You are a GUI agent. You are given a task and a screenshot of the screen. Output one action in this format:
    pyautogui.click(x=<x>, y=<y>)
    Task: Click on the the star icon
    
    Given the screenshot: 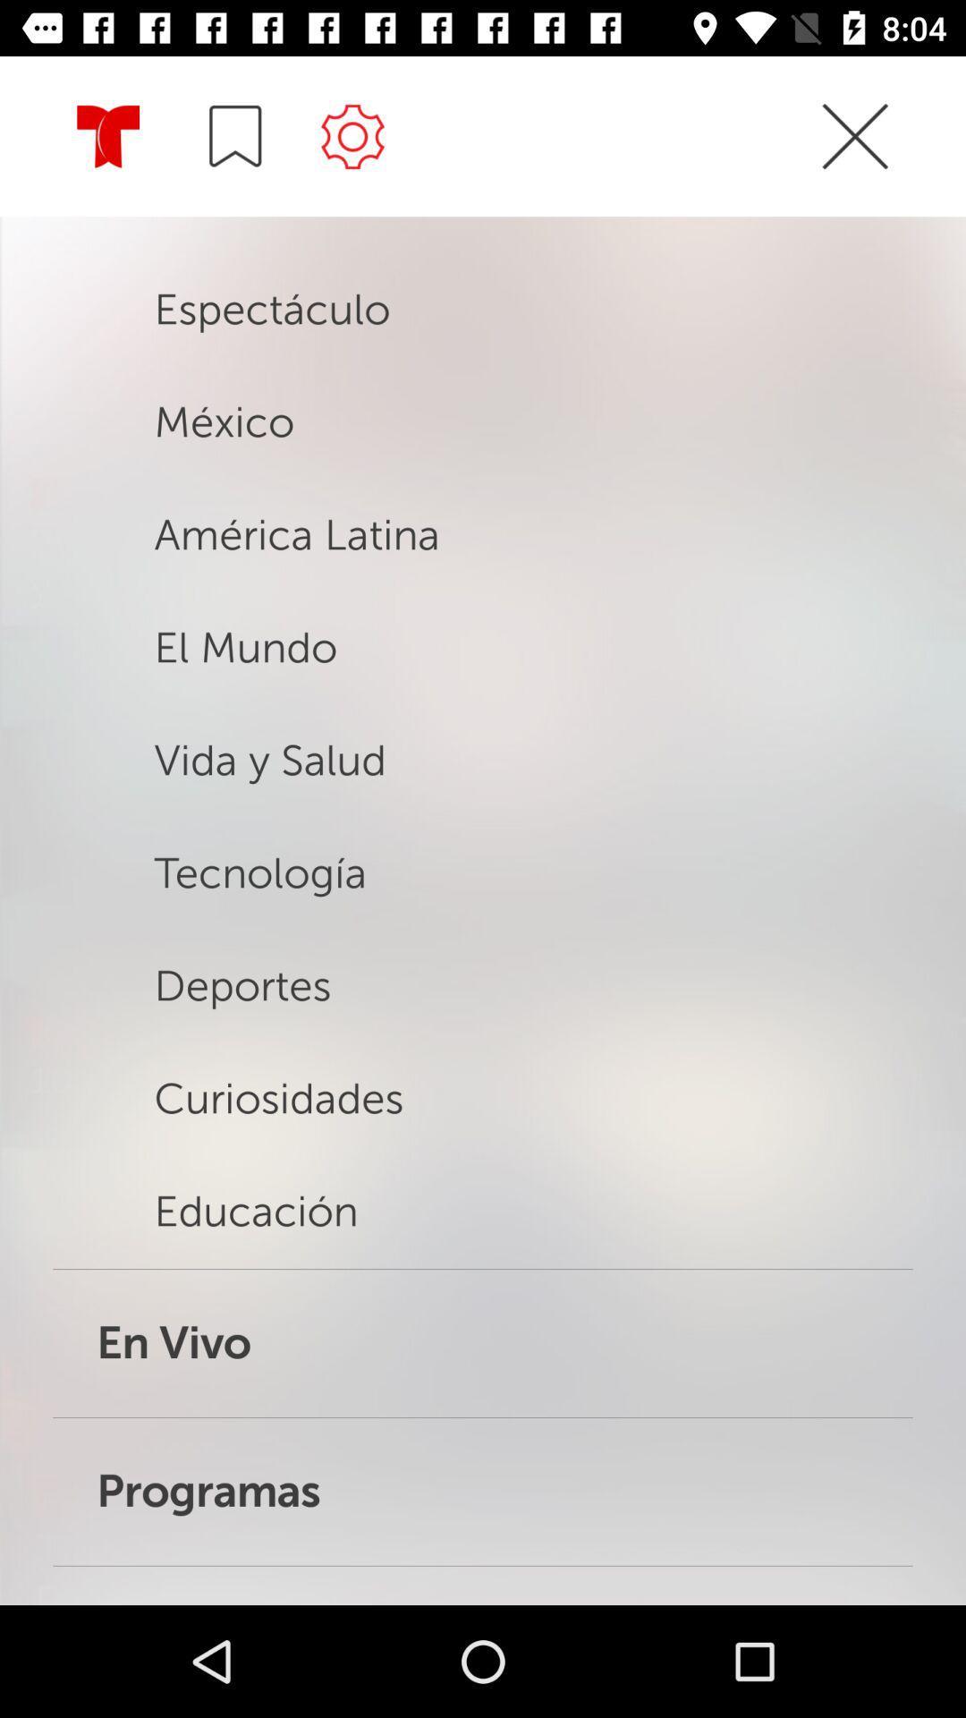 What is the action you would take?
    pyautogui.click(x=108, y=137)
    